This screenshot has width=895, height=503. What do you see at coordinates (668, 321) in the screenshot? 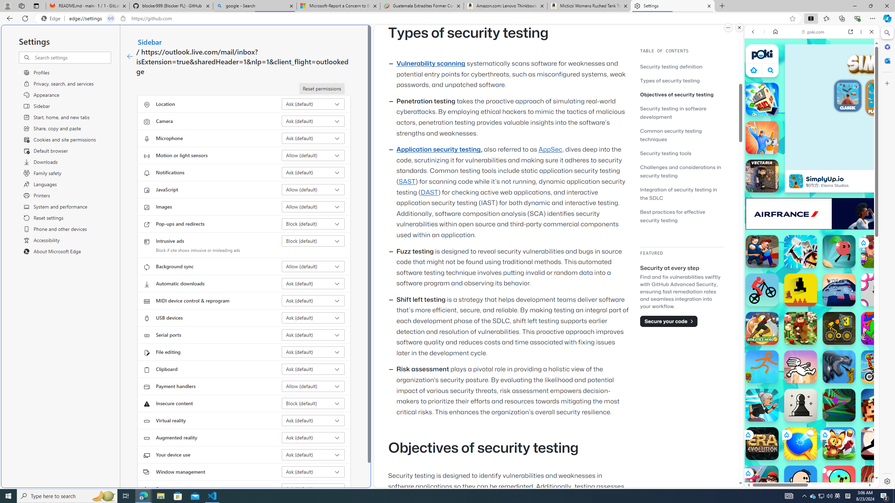
I see `'Secure your code'` at bounding box center [668, 321].